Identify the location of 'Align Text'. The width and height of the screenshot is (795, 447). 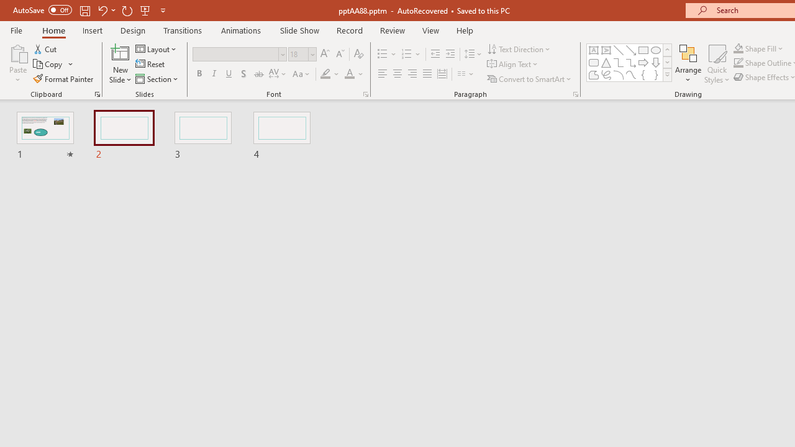
(513, 64).